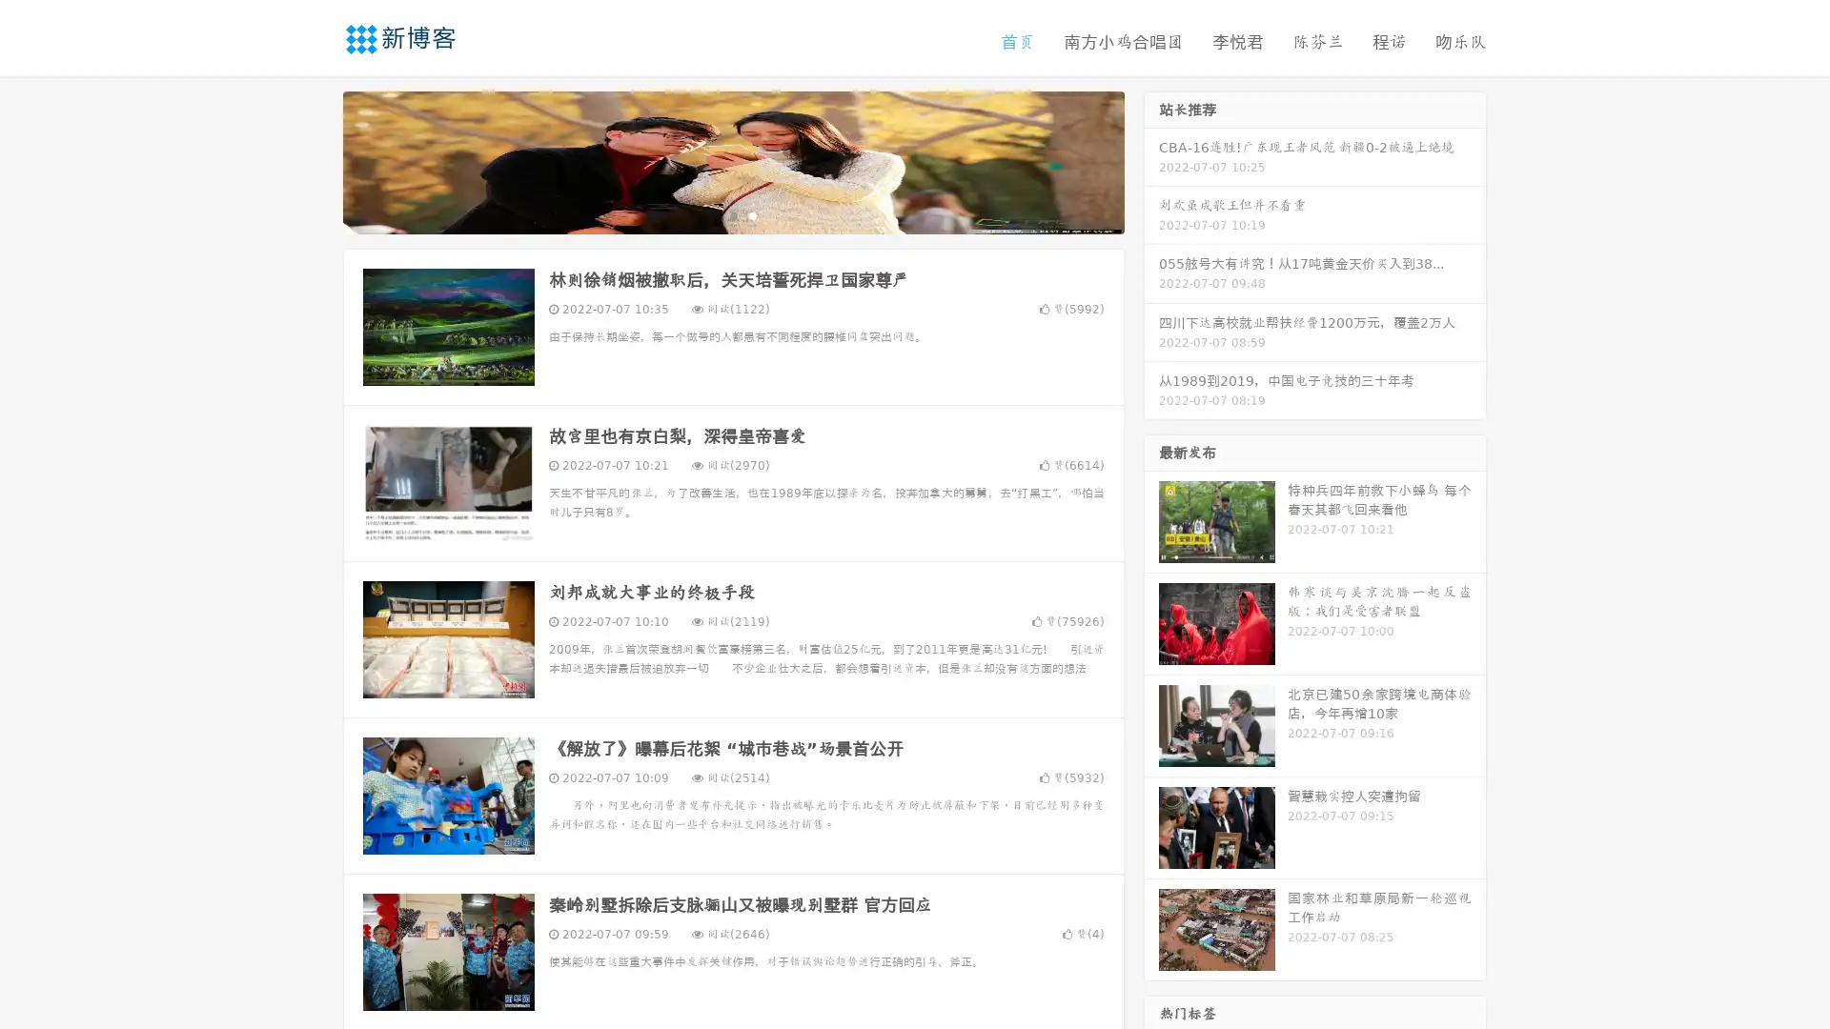  I want to click on Go to slide 2, so click(732, 214).